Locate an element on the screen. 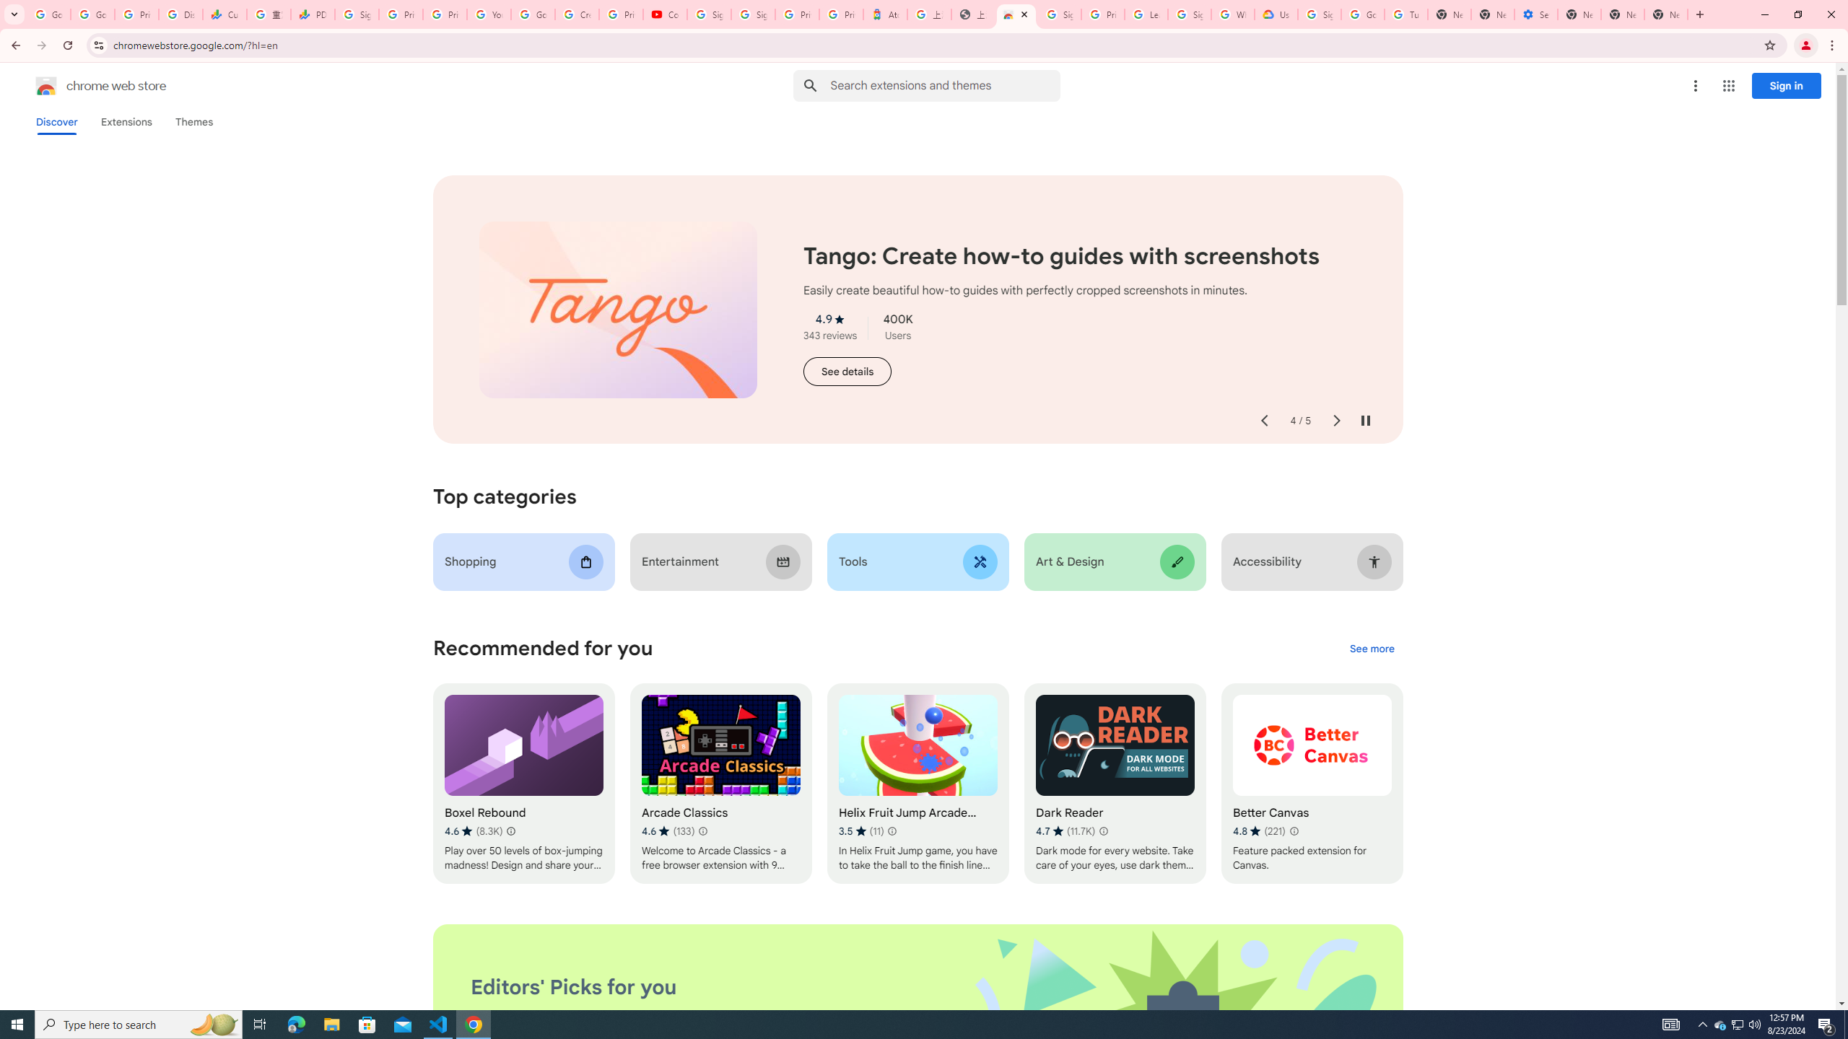 This screenshot has height=1039, width=1848. 'PDD Holdings Inc - ADR (PDD) Price & News - Google Finance' is located at coordinates (312, 14).